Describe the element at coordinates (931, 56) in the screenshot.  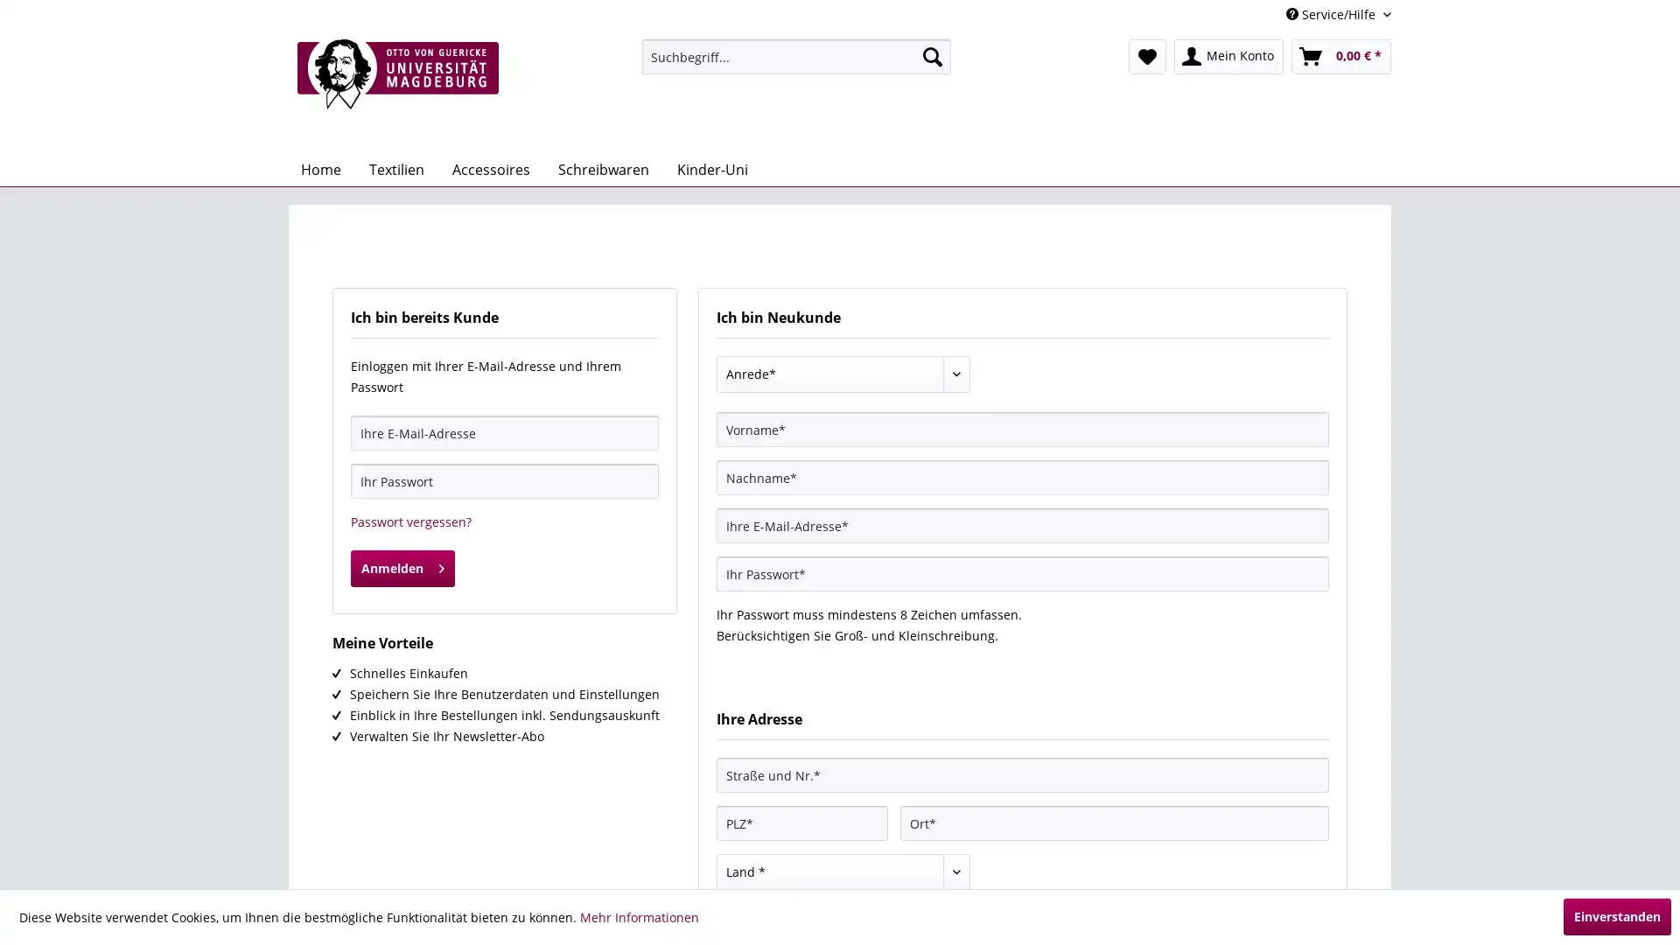
I see `Suchen` at that location.